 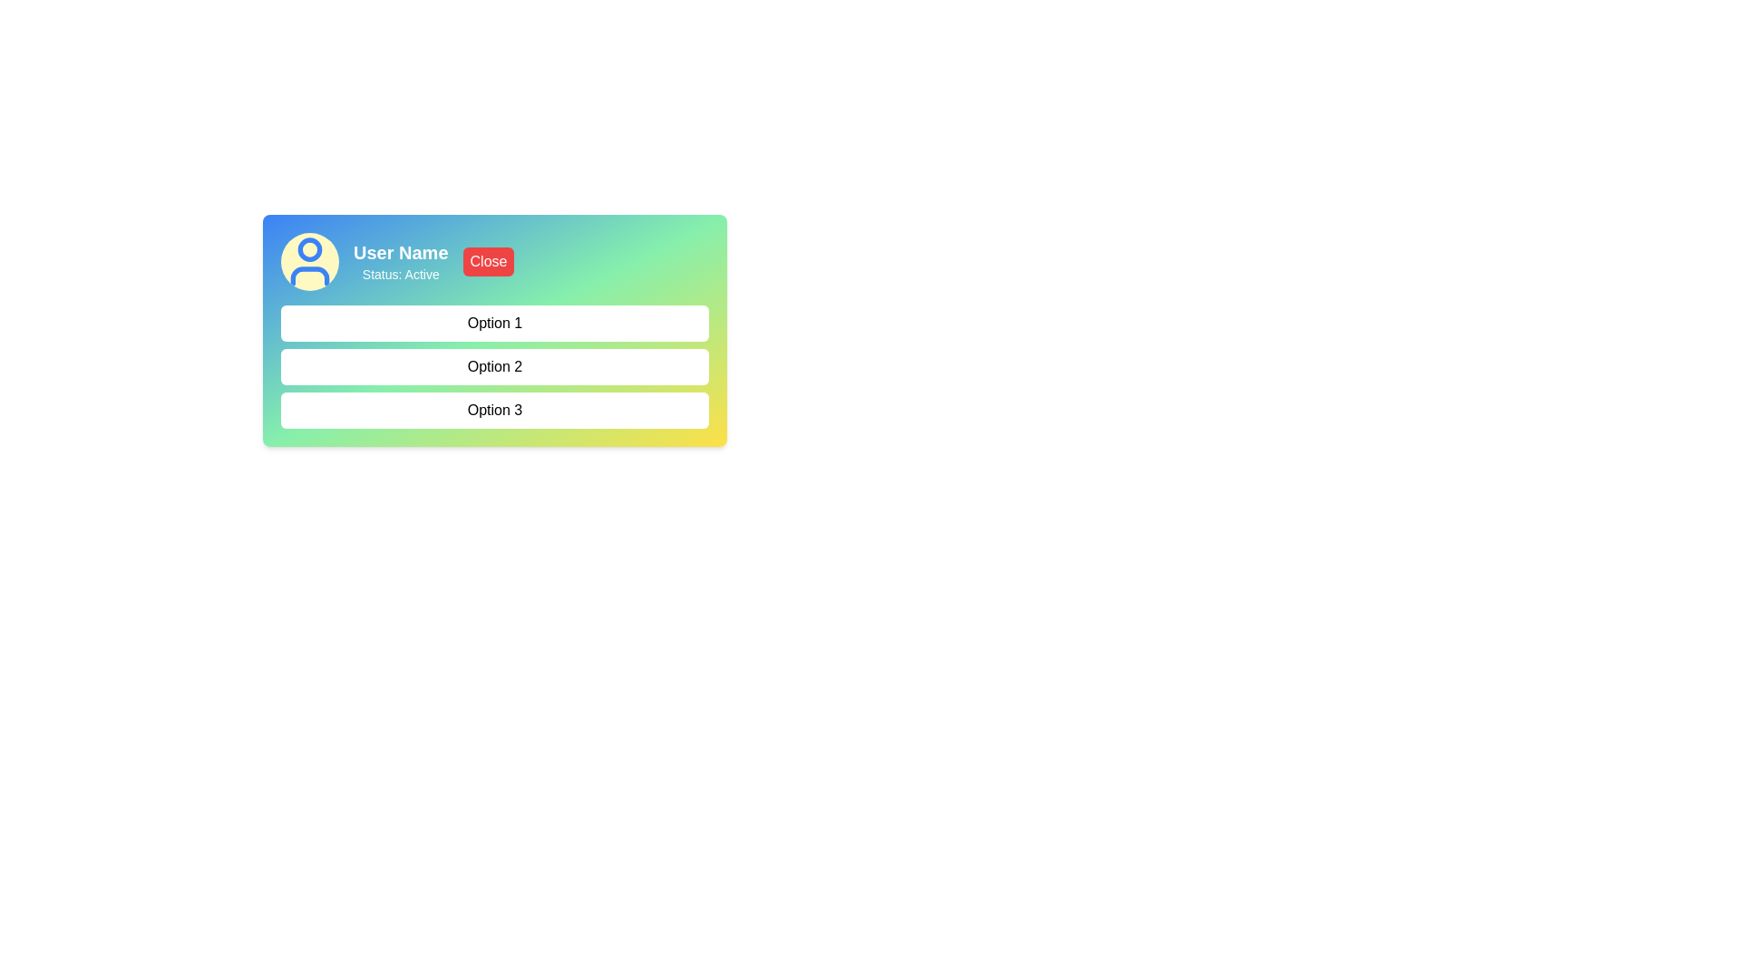 What do you see at coordinates (400, 252) in the screenshot?
I see `the user name label located at the top-left section of the card, positioned to the right of the user avatar icon and left of the red 'Close' button` at bounding box center [400, 252].